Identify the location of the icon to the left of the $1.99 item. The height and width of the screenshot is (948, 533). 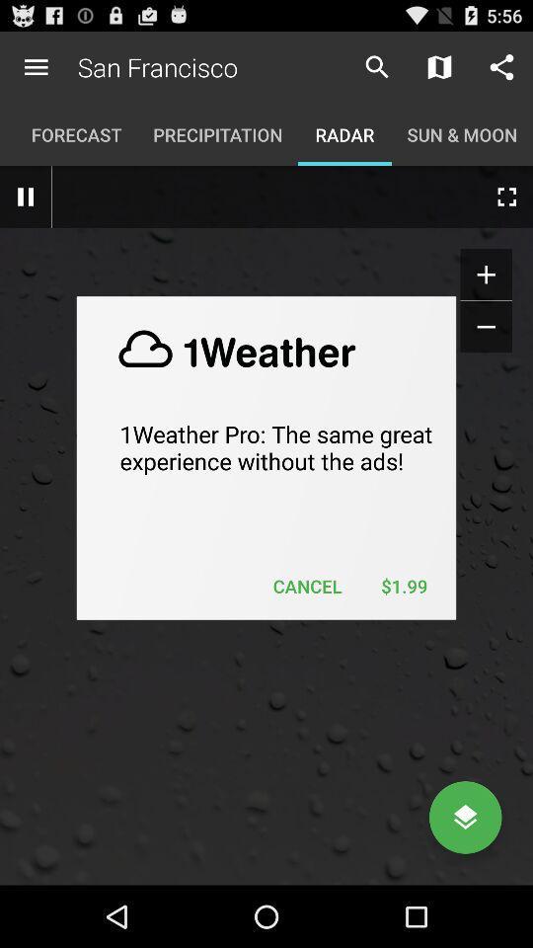
(307, 586).